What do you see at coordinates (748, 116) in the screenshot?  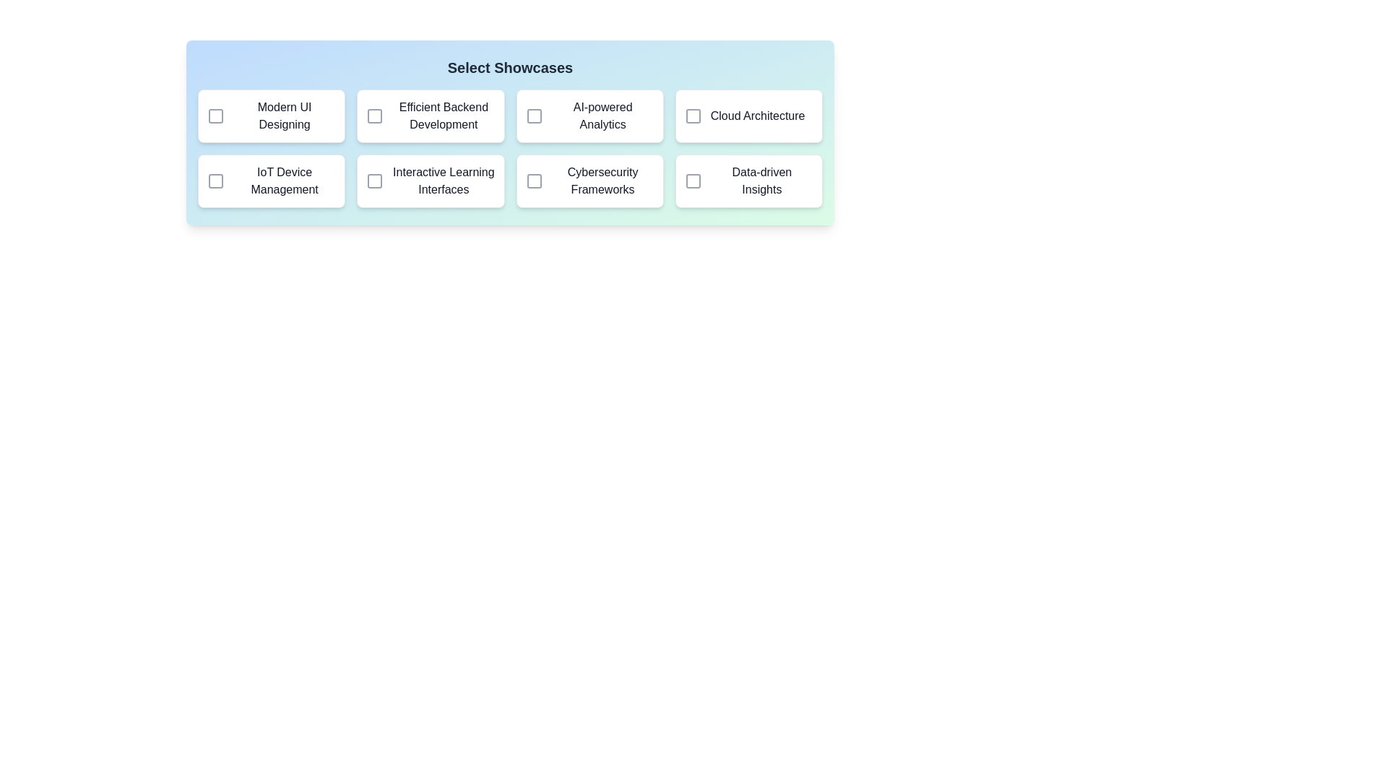 I see `the showcase item labeled 'Cloud Architecture' to observe the hover effect` at bounding box center [748, 116].